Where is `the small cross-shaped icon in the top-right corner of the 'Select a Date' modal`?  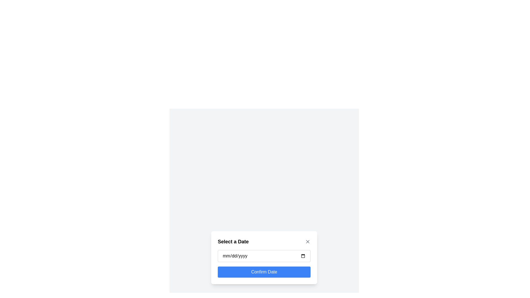 the small cross-shaped icon in the top-right corner of the 'Select a Date' modal is located at coordinates (307, 241).